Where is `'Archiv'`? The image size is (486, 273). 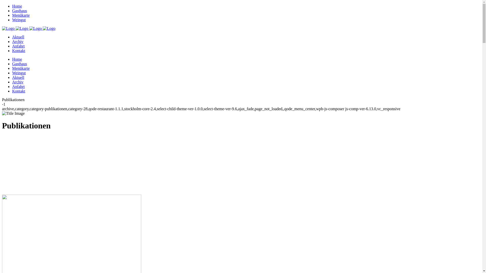 'Archiv' is located at coordinates (12, 82).